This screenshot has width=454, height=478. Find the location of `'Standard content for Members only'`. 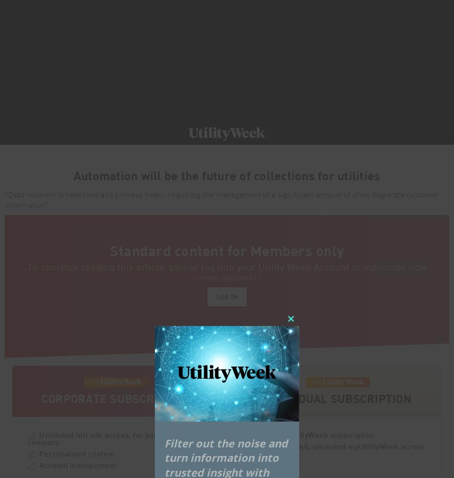

'Standard content for Members only' is located at coordinates (226, 250).